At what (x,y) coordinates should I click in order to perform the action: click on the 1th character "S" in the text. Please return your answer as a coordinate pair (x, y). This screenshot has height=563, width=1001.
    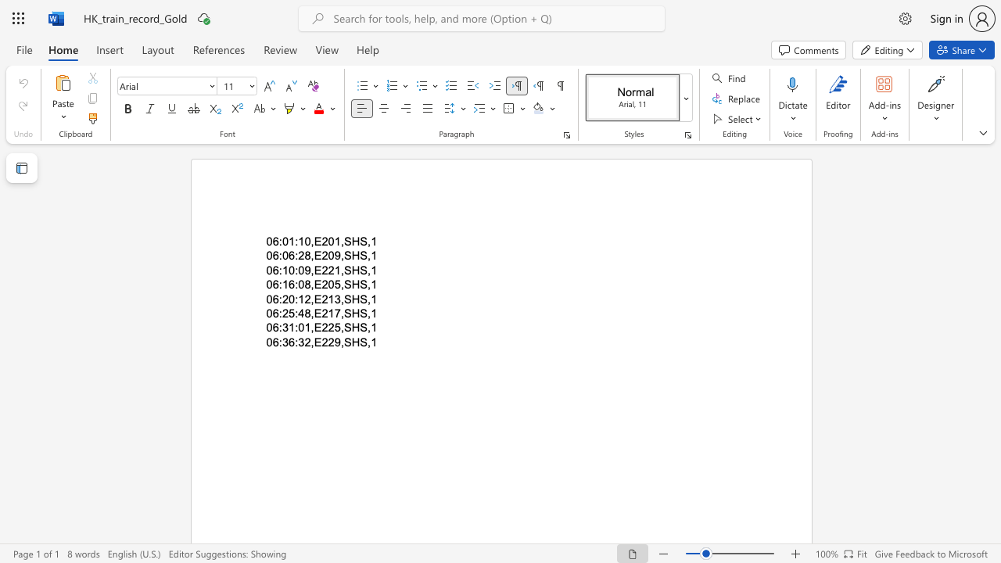
    Looking at the image, I should click on (346, 285).